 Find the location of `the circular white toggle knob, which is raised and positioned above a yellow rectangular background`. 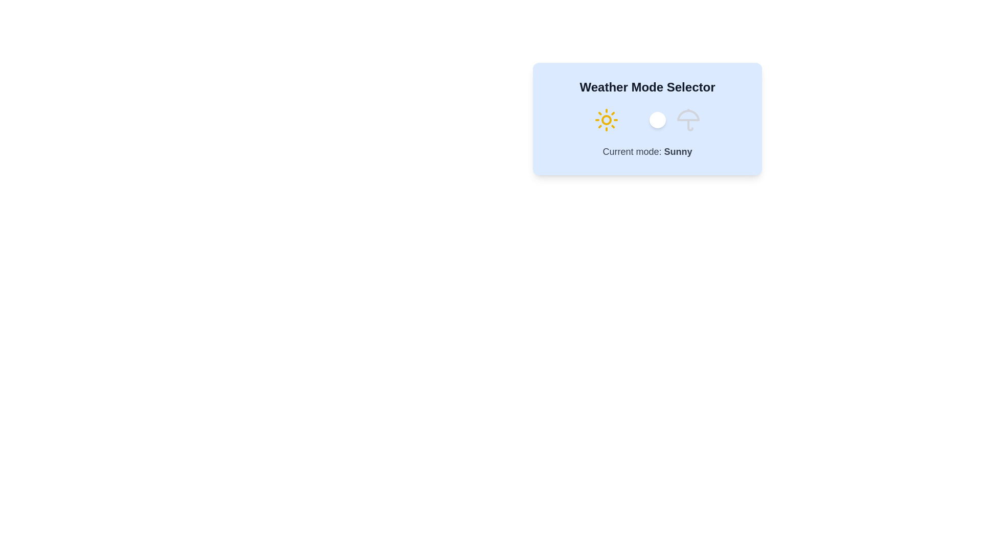

the circular white toggle knob, which is raised and positioned above a yellow rectangular background is located at coordinates (658, 120).